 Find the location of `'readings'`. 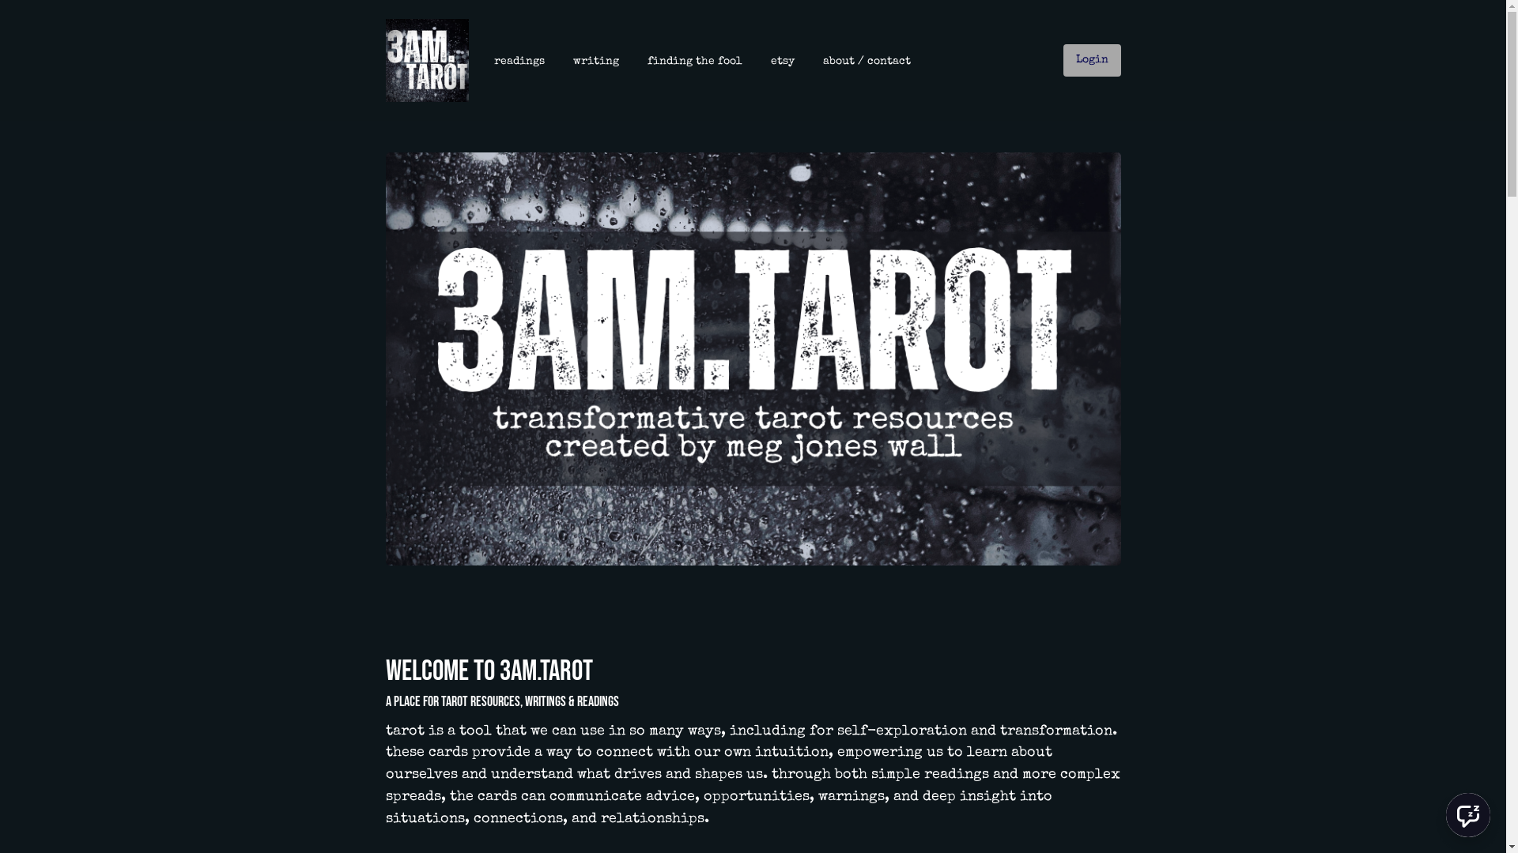

'readings' is located at coordinates (519, 60).